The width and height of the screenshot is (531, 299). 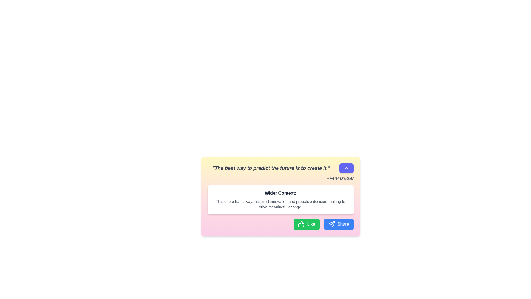 I want to click on the thumbs-up icon button located at the bottom of the card-like structure, so click(x=301, y=224).